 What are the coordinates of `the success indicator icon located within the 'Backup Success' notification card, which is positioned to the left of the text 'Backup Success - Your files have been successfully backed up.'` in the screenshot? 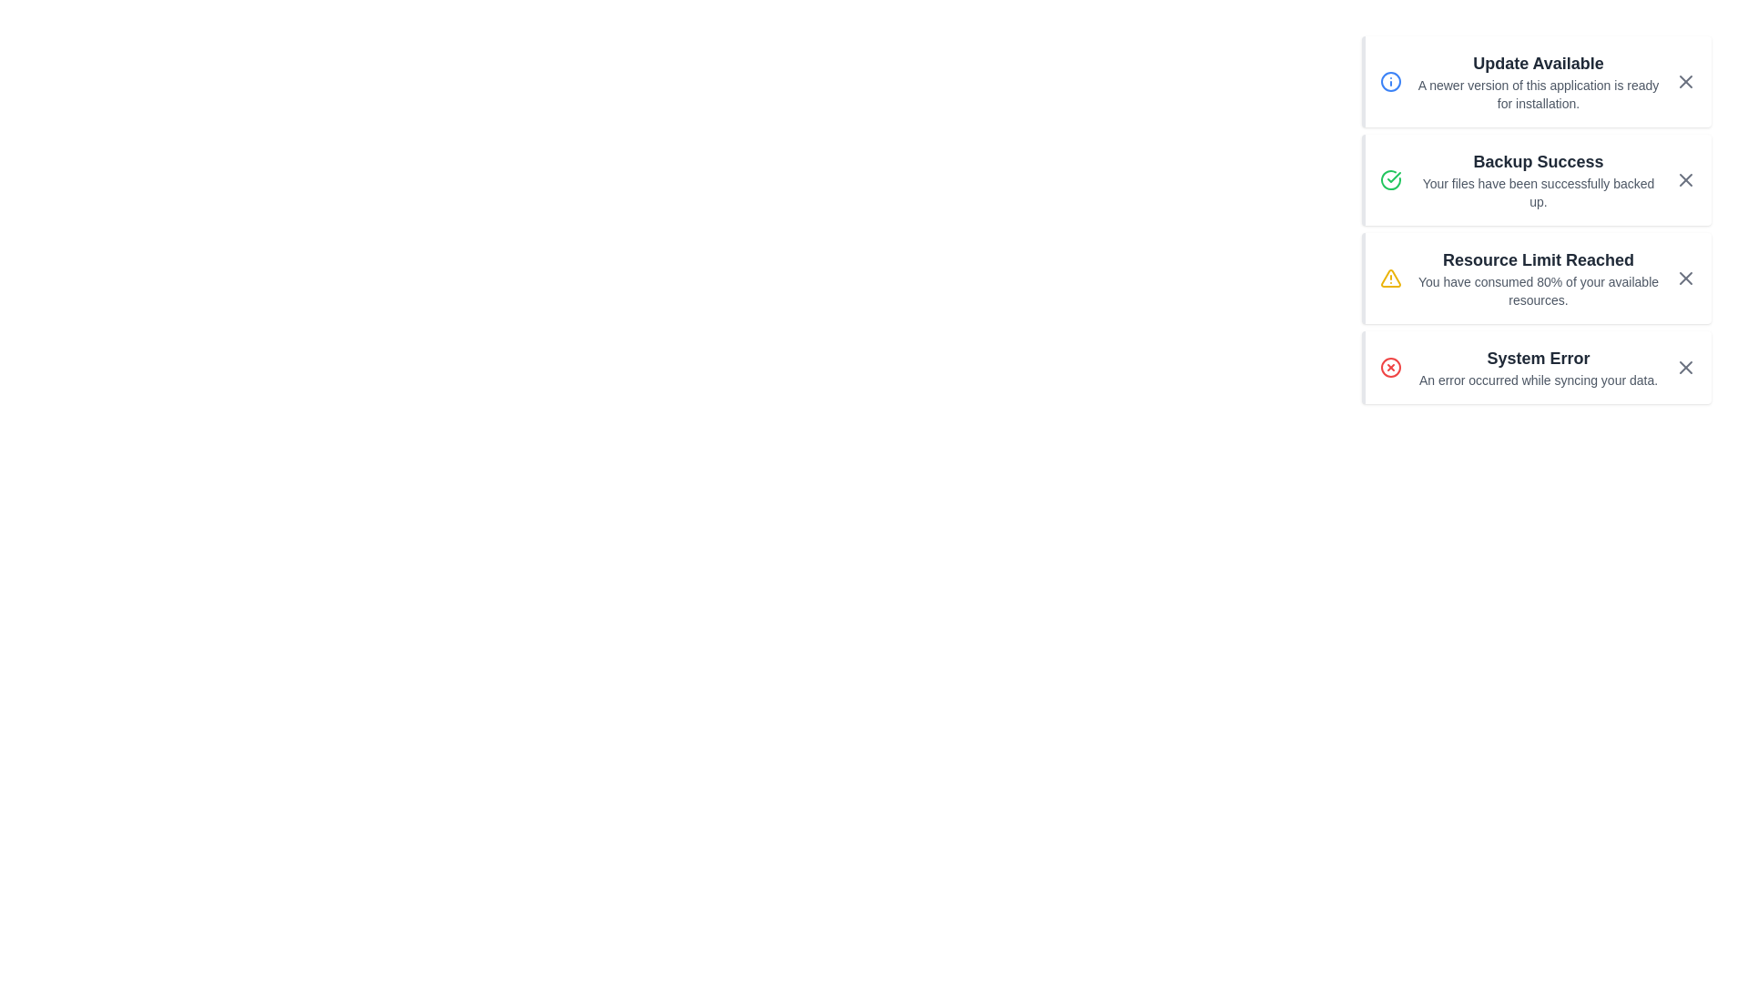 It's located at (1389, 179).